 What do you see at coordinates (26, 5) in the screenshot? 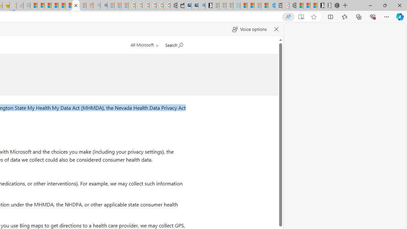
I see `'DITOGAMES AG Imprint - Sleeping'` at bounding box center [26, 5].